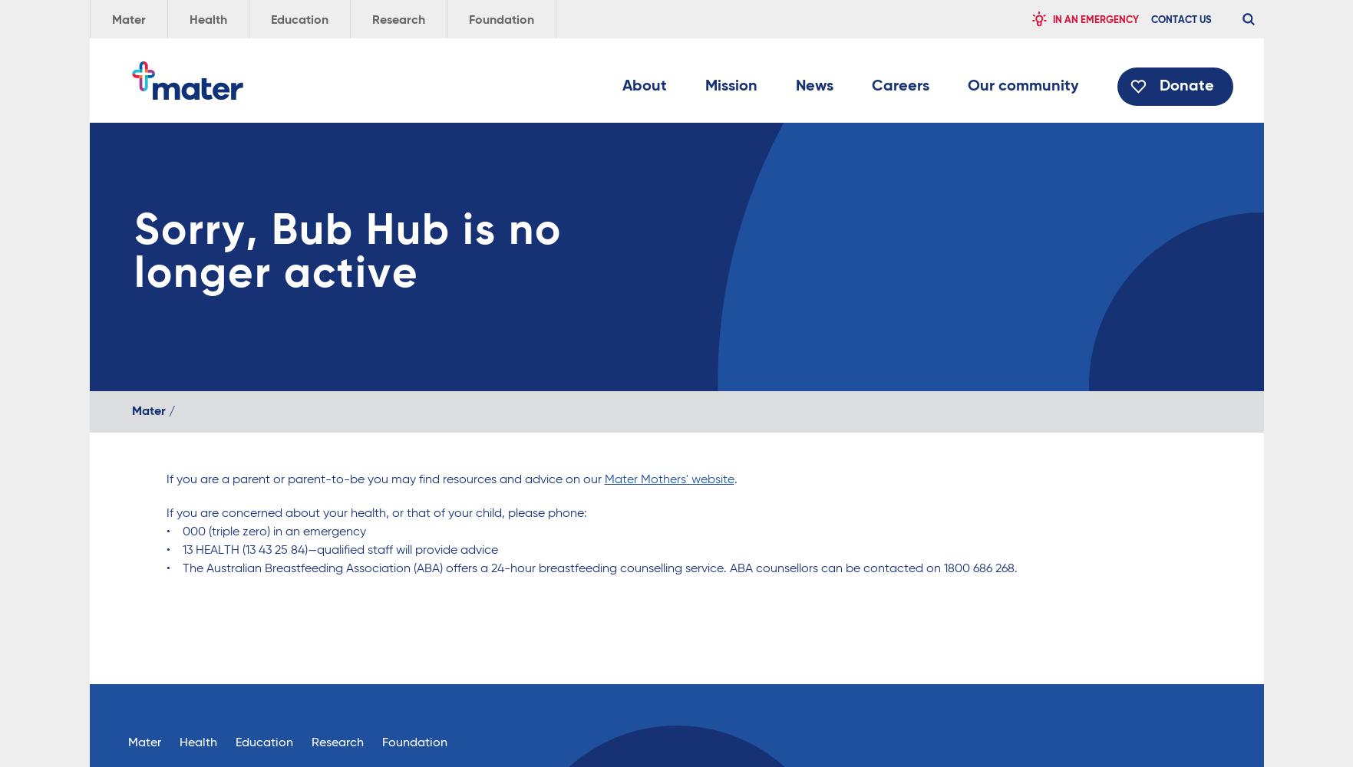  Describe the element at coordinates (1185, 86) in the screenshot. I see `'Donate'` at that location.